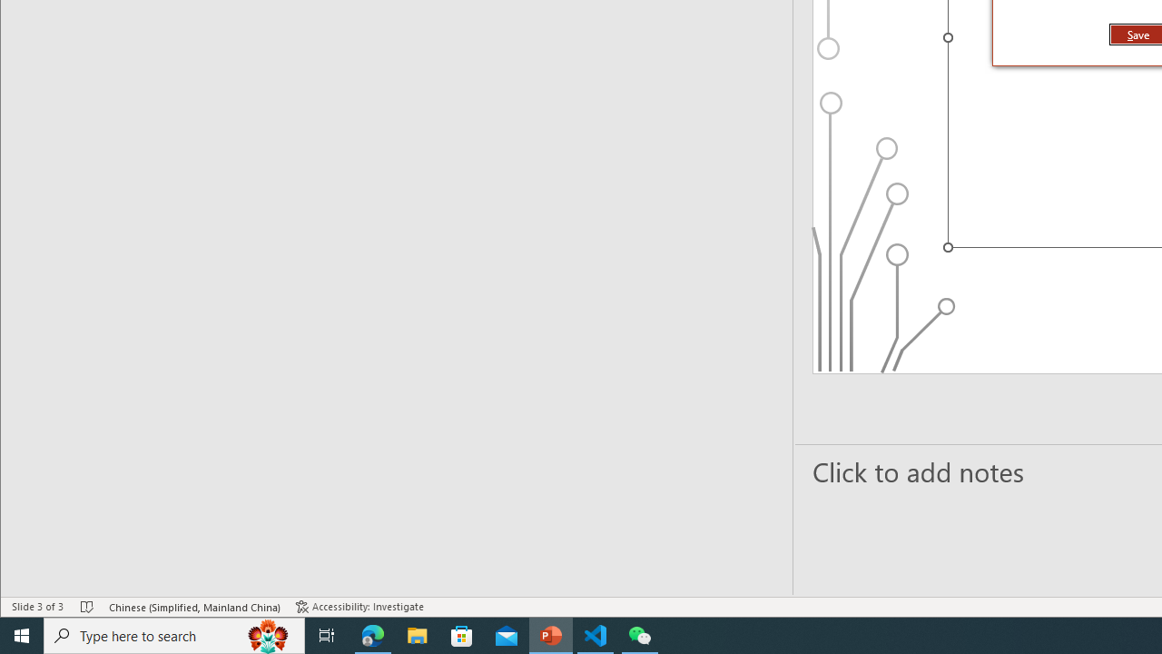 This screenshot has height=654, width=1162. Describe the element at coordinates (417, 634) in the screenshot. I see `'File Explorer'` at that location.